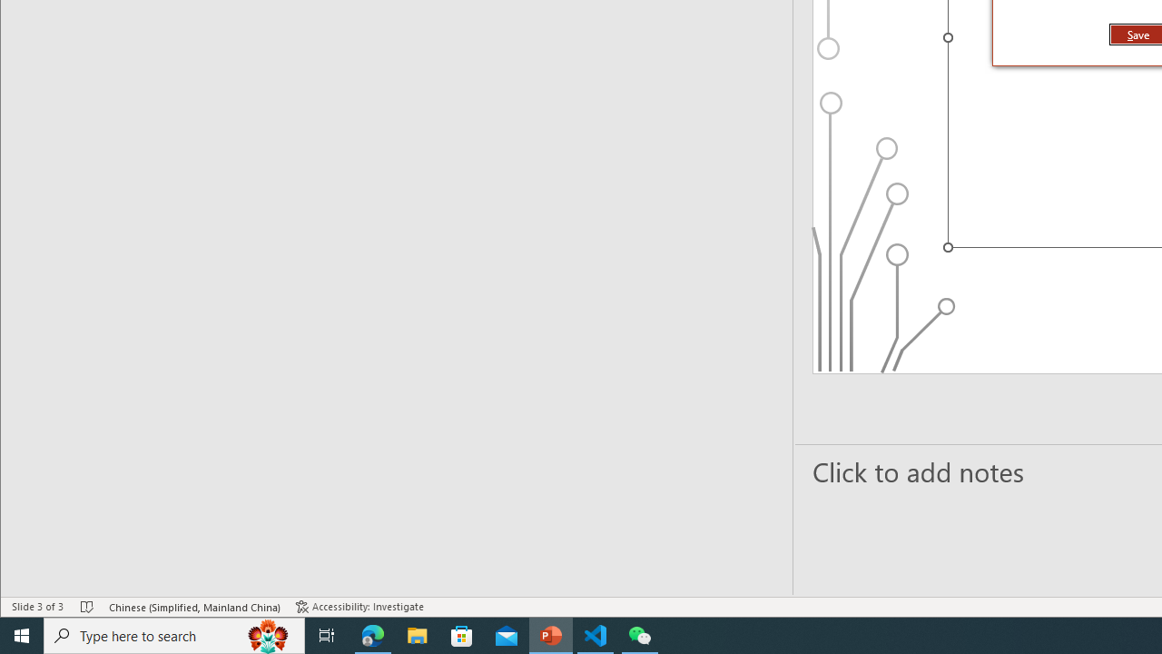 This screenshot has height=654, width=1162. Describe the element at coordinates (417, 634) in the screenshot. I see `'File Explorer'` at that location.